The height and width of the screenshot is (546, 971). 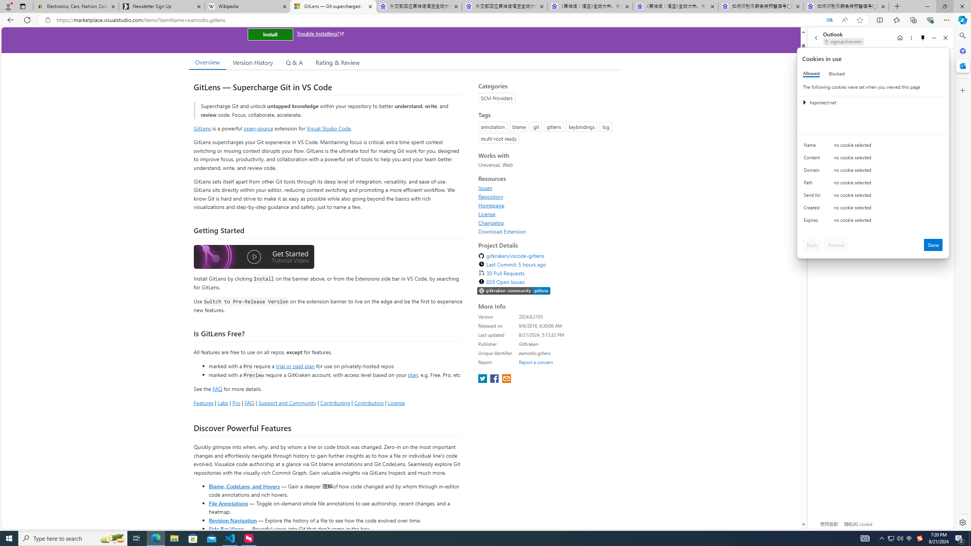 I want to click on 'Created', so click(x=813, y=209).